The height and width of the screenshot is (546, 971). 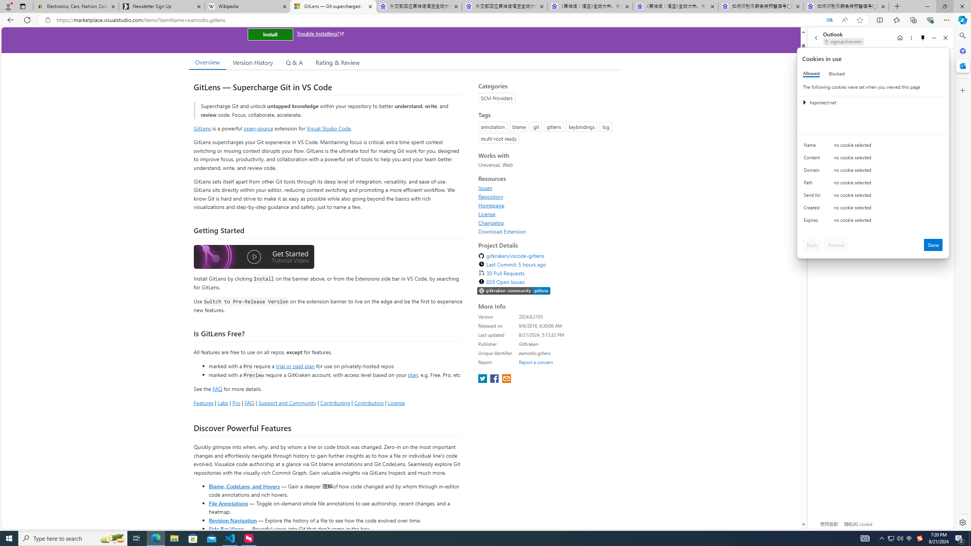 I want to click on 'Created', so click(x=813, y=209).